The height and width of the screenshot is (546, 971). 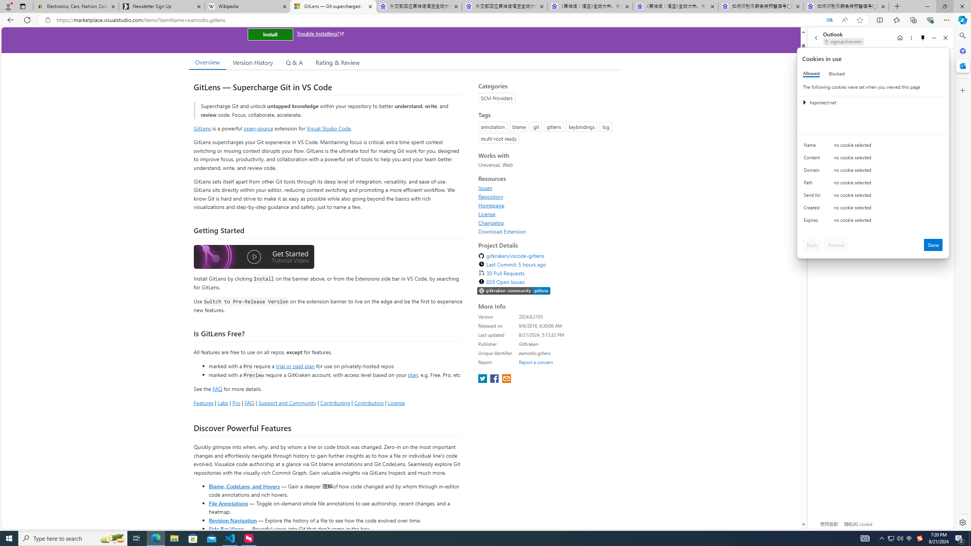 I want to click on 'Created', so click(x=813, y=209).